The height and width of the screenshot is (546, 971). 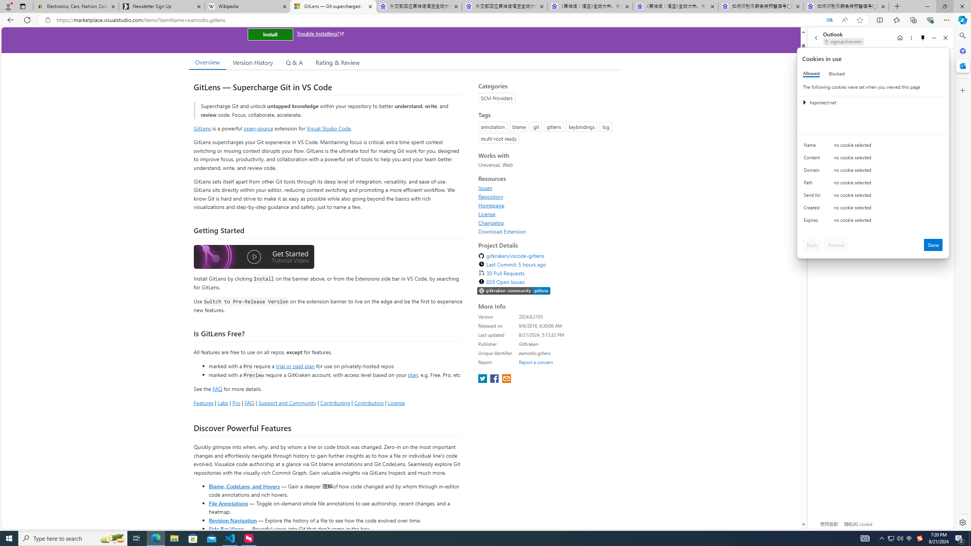 I want to click on 'Created', so click(x=813, y=209).